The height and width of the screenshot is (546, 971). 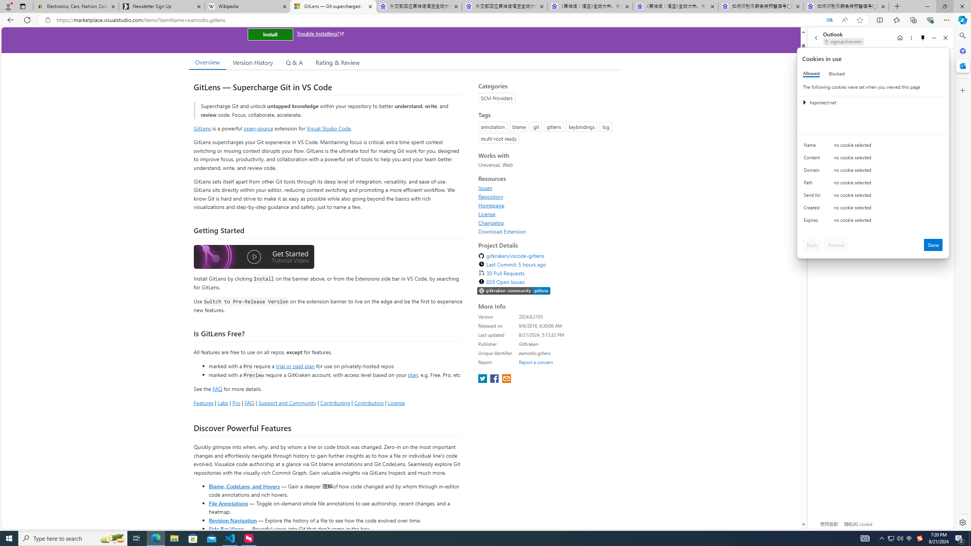 I want to click on 'Created', so click(x=813, y=209).